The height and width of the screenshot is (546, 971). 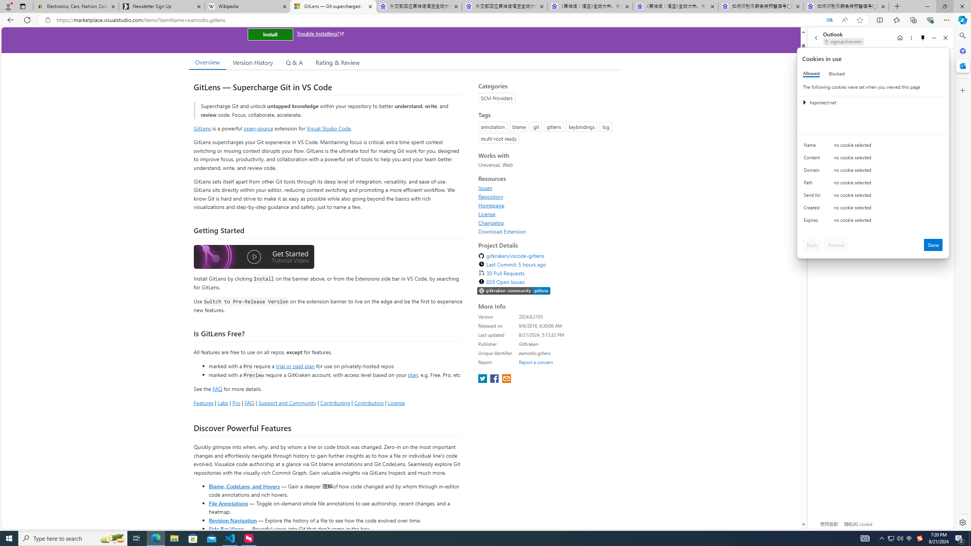 I want to click on 'Created', so click(x=813, y=209).